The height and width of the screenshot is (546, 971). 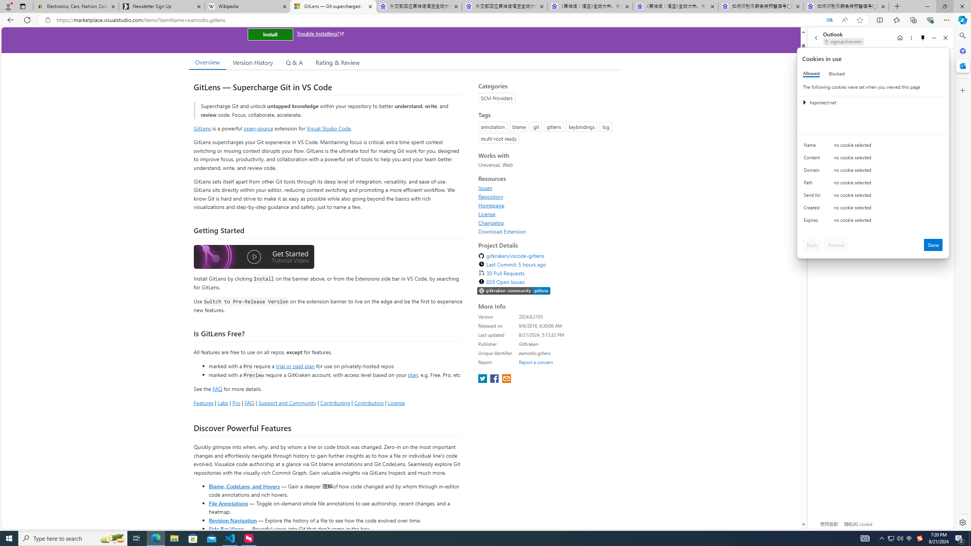 I want to click on 'Created', so click(x=813, y=209).